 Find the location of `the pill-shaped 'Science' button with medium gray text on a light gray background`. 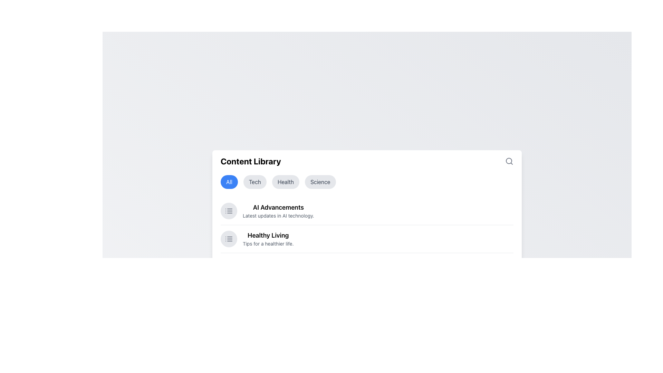

the pill-shaped 'Science' button with medium gray text on a light gray background is located at coordinates (320, 182).